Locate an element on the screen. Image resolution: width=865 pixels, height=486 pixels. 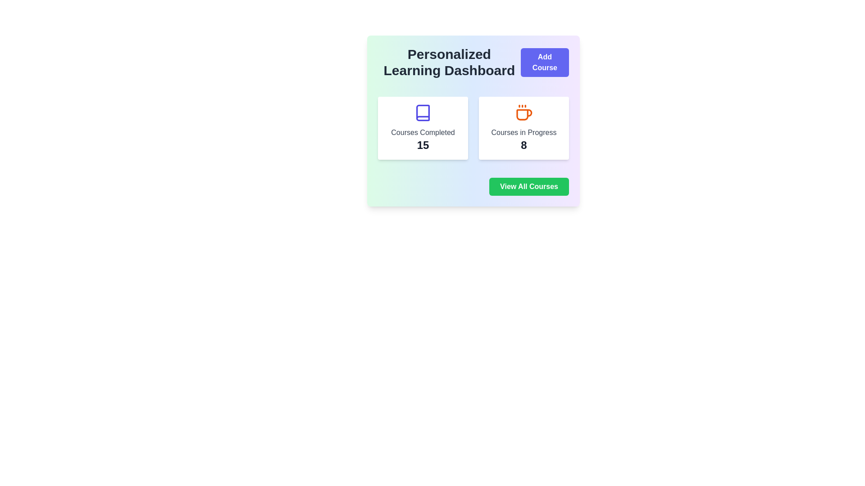
the book-shaped icon outlined in indigo, located within the 'Courses Completed' card, positioned to the left of the 'Courses in Progress' card is located at coordinates (423, 112).